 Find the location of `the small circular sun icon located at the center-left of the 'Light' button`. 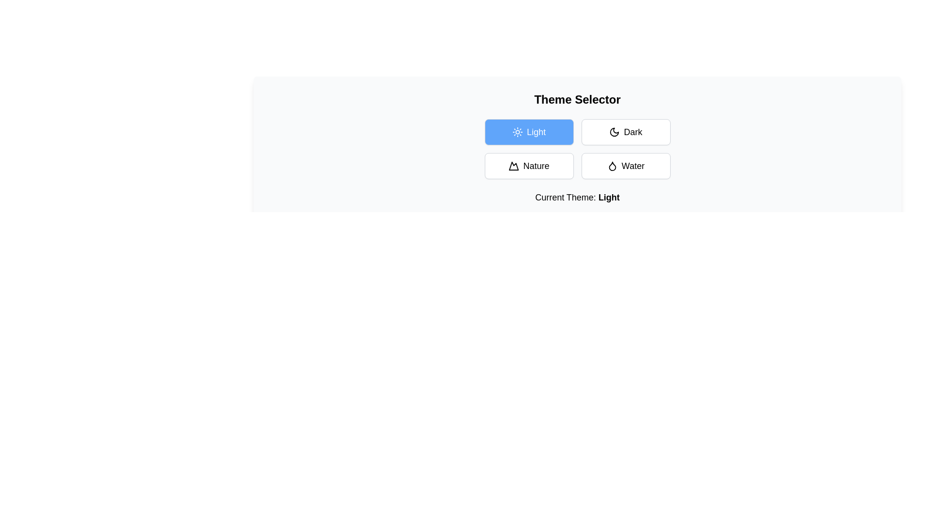

the small circular sun icon located at the center-left of the 'Light' button is located at coordinates (517, 132).